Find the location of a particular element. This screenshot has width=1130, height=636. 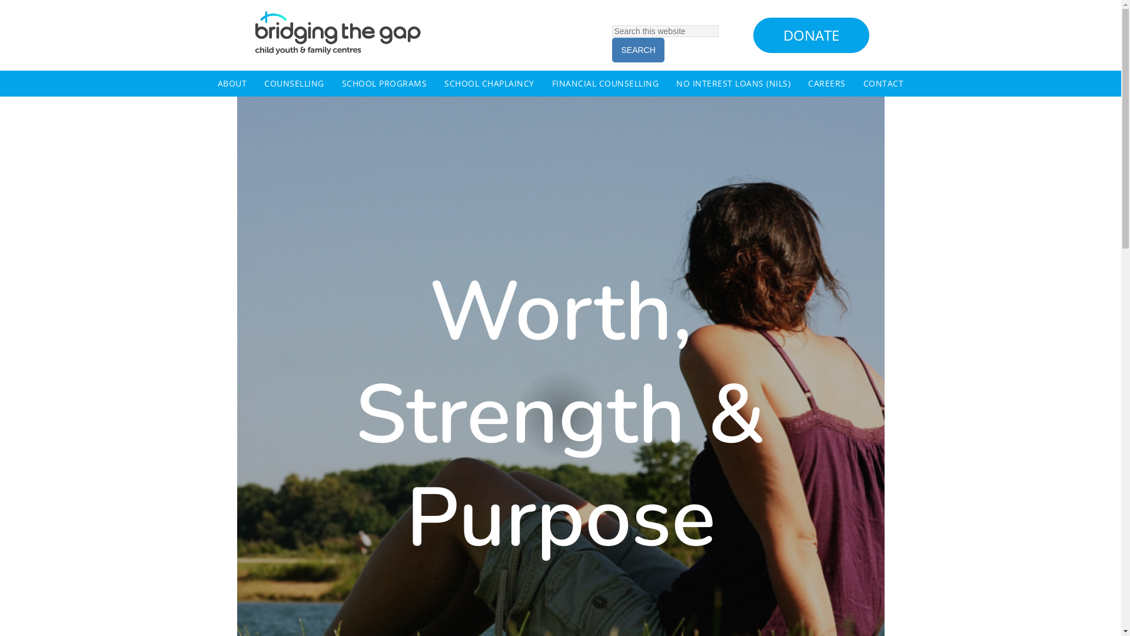

'DONATE' is located at coordinates (810, 35).